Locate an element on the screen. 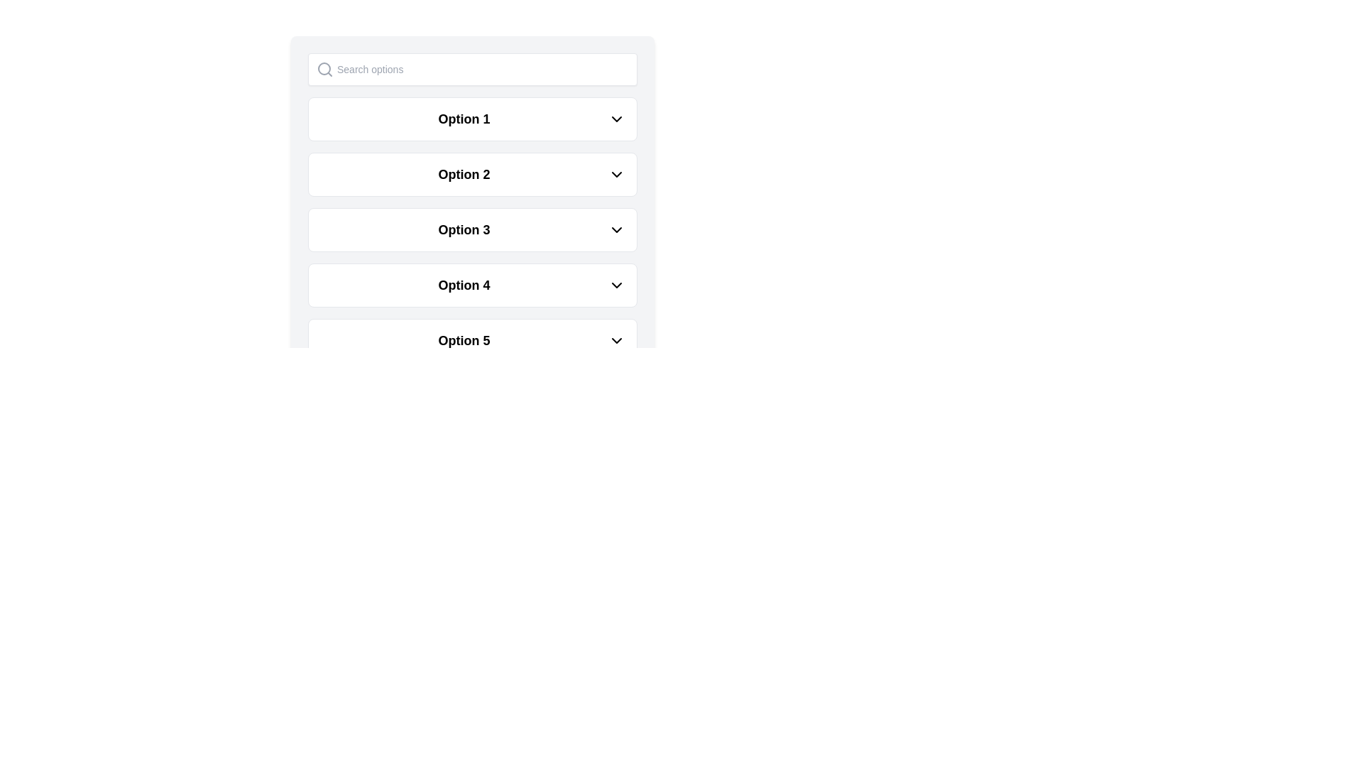  the text label displaying 'Option 3', which is the third option in a vertically-arranged list of options is located at coordinates (464, 229).